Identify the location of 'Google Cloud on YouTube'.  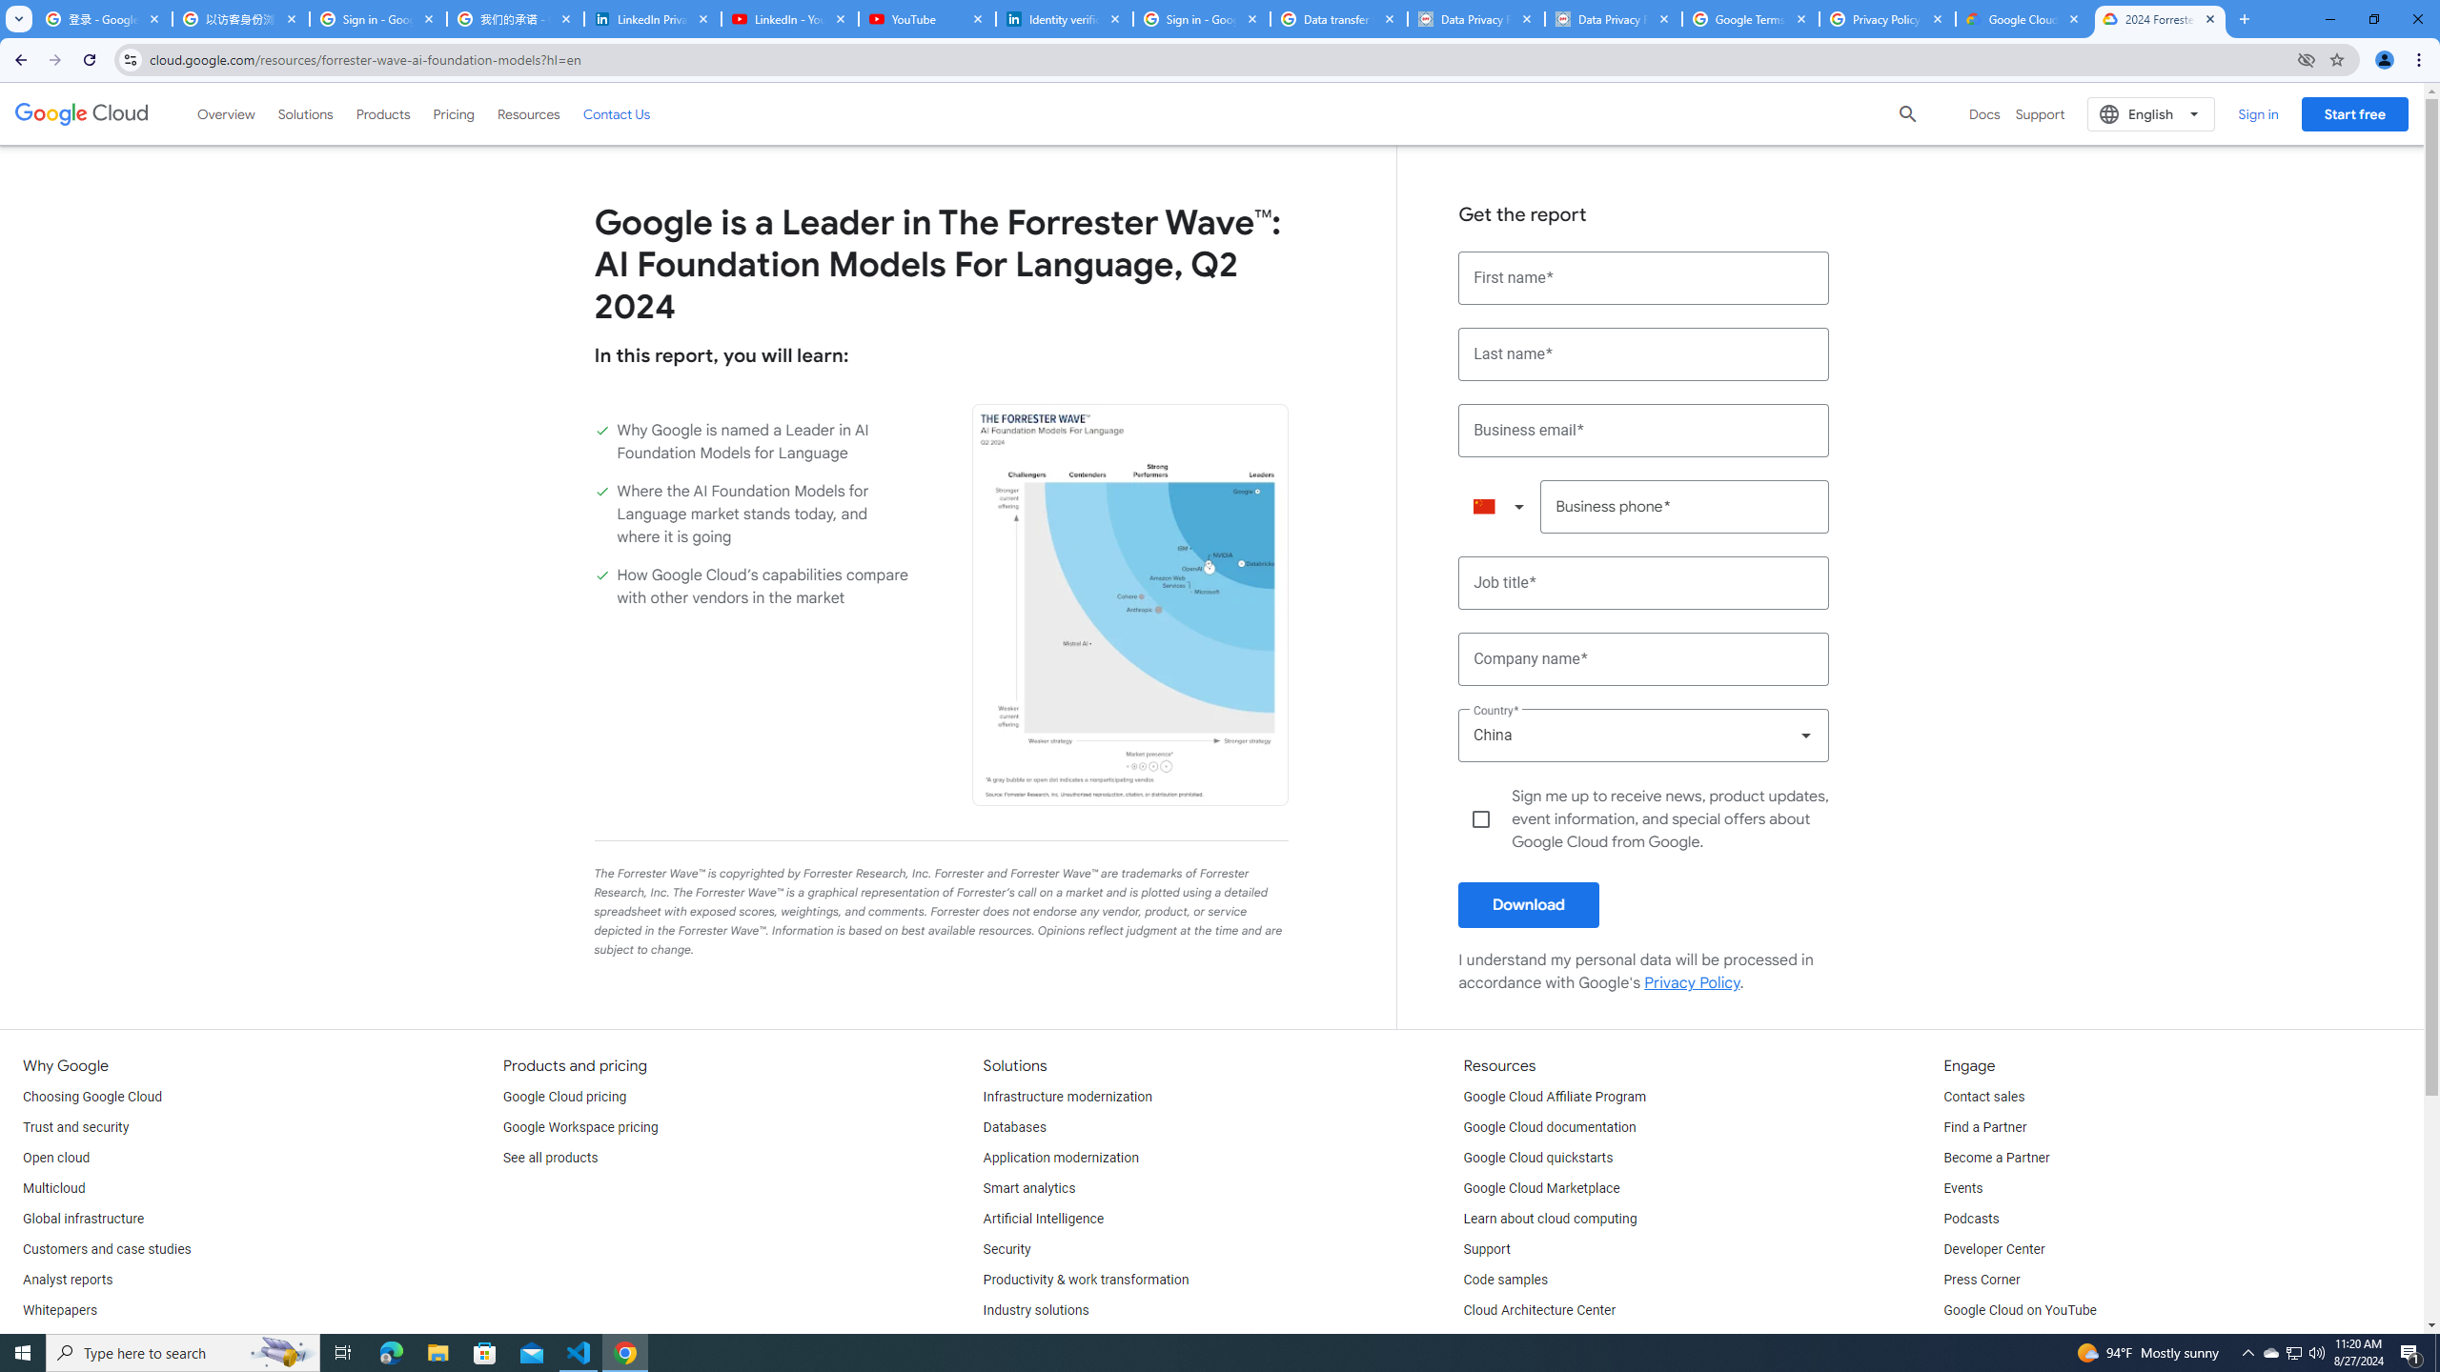
(2018, 1309).